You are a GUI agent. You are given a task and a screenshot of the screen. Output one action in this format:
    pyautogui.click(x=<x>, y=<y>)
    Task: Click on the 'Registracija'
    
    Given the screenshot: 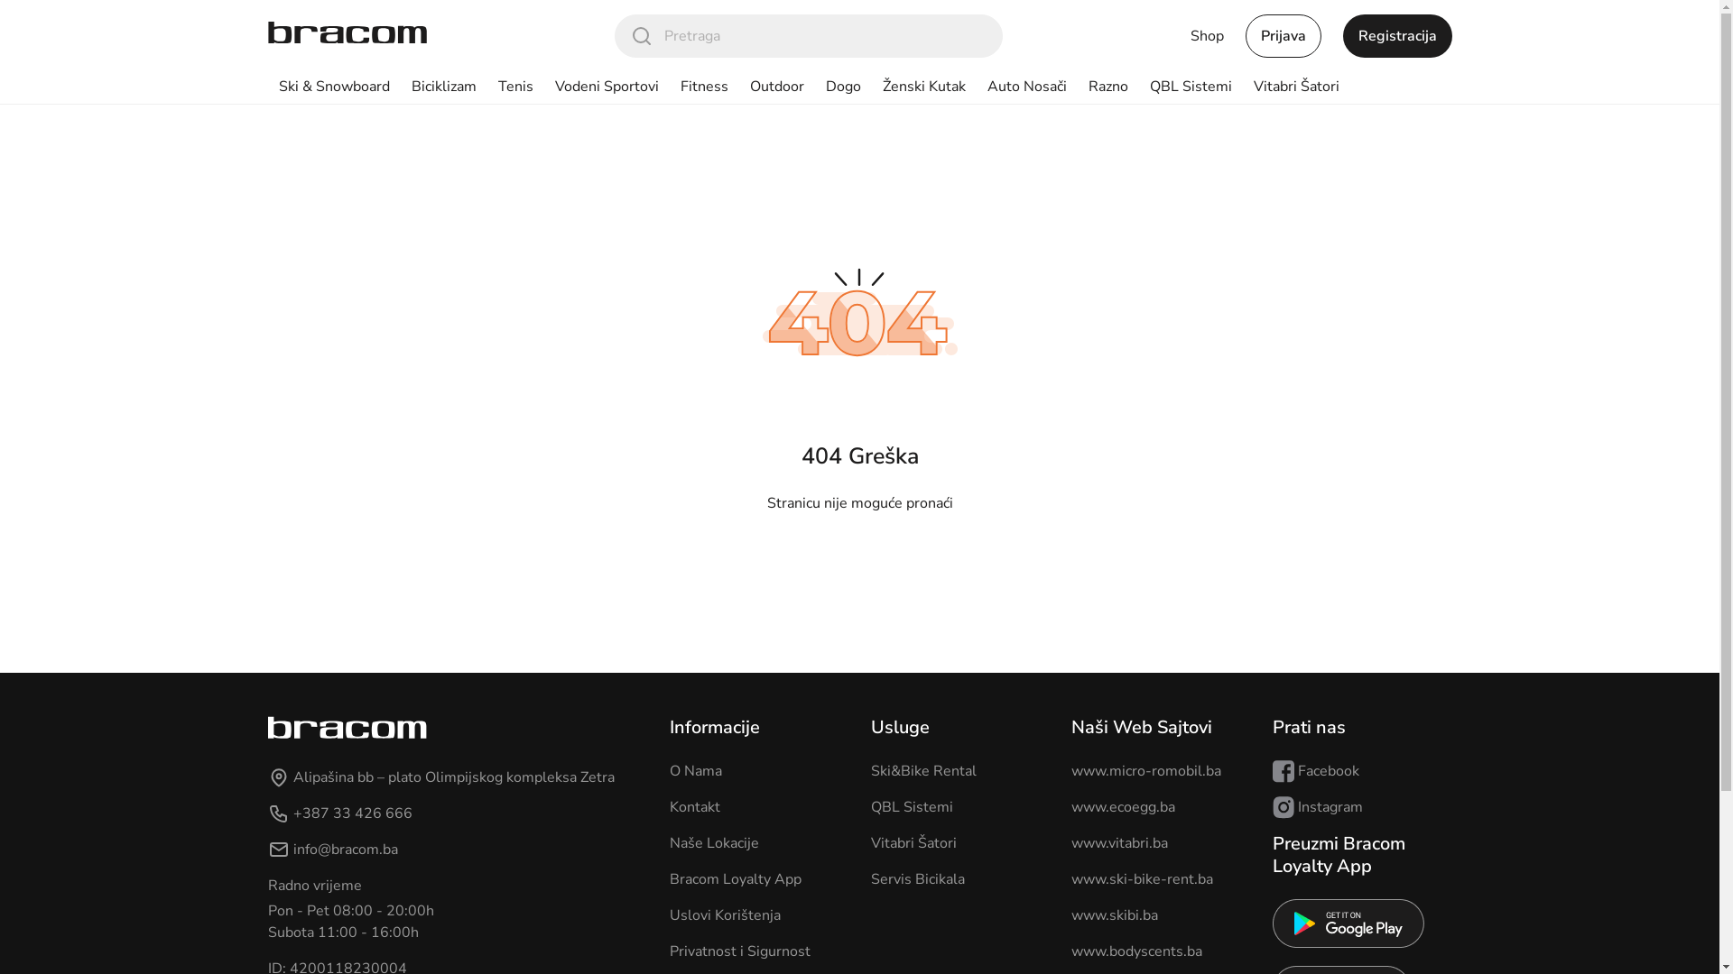 What is the action you would take?
    pyautogui.click(x=1396, y=35)
    